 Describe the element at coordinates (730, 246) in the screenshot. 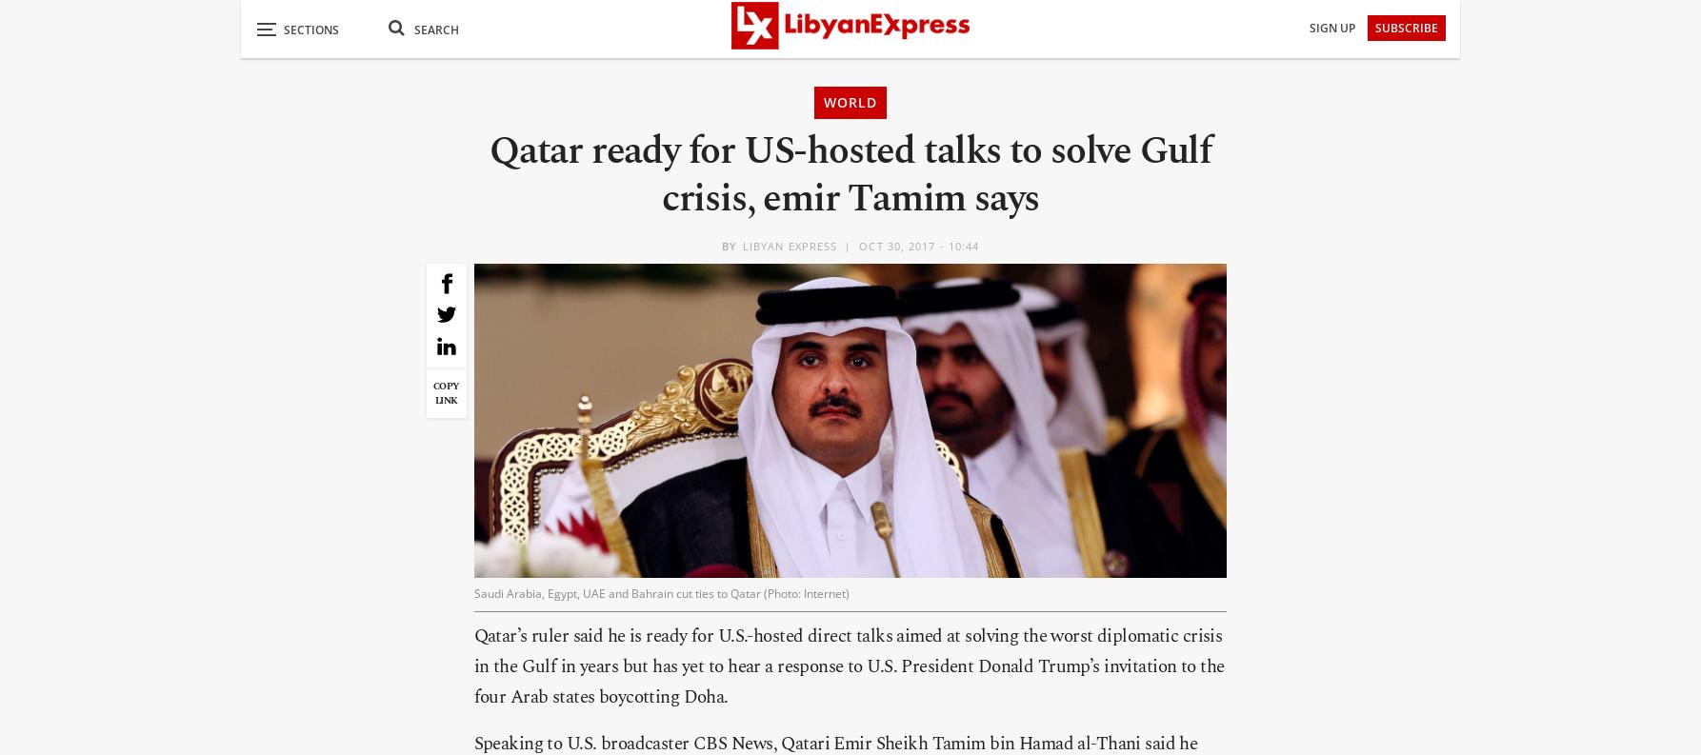

I see `'BY'` at that location.